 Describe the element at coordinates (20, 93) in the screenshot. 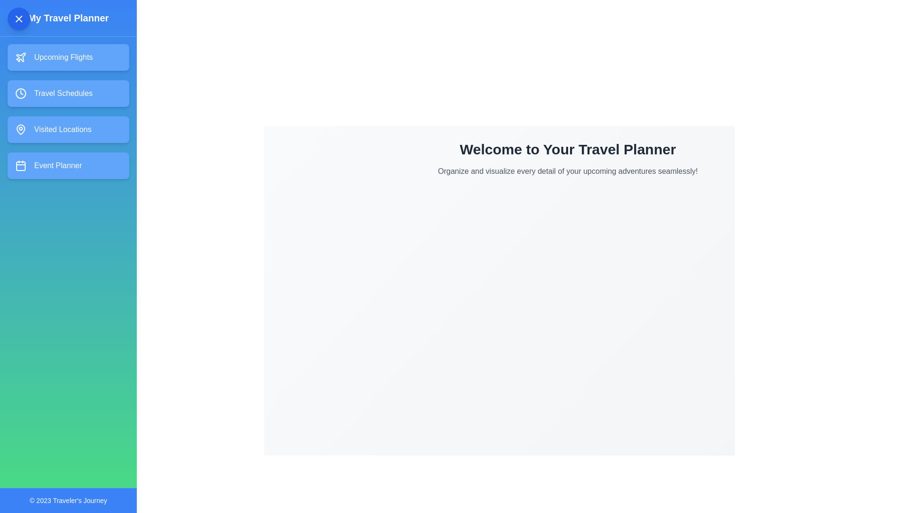

I see `the clock icon located to the left of the 'Travel Schedules' button in the vertical navigation menu` at that location.